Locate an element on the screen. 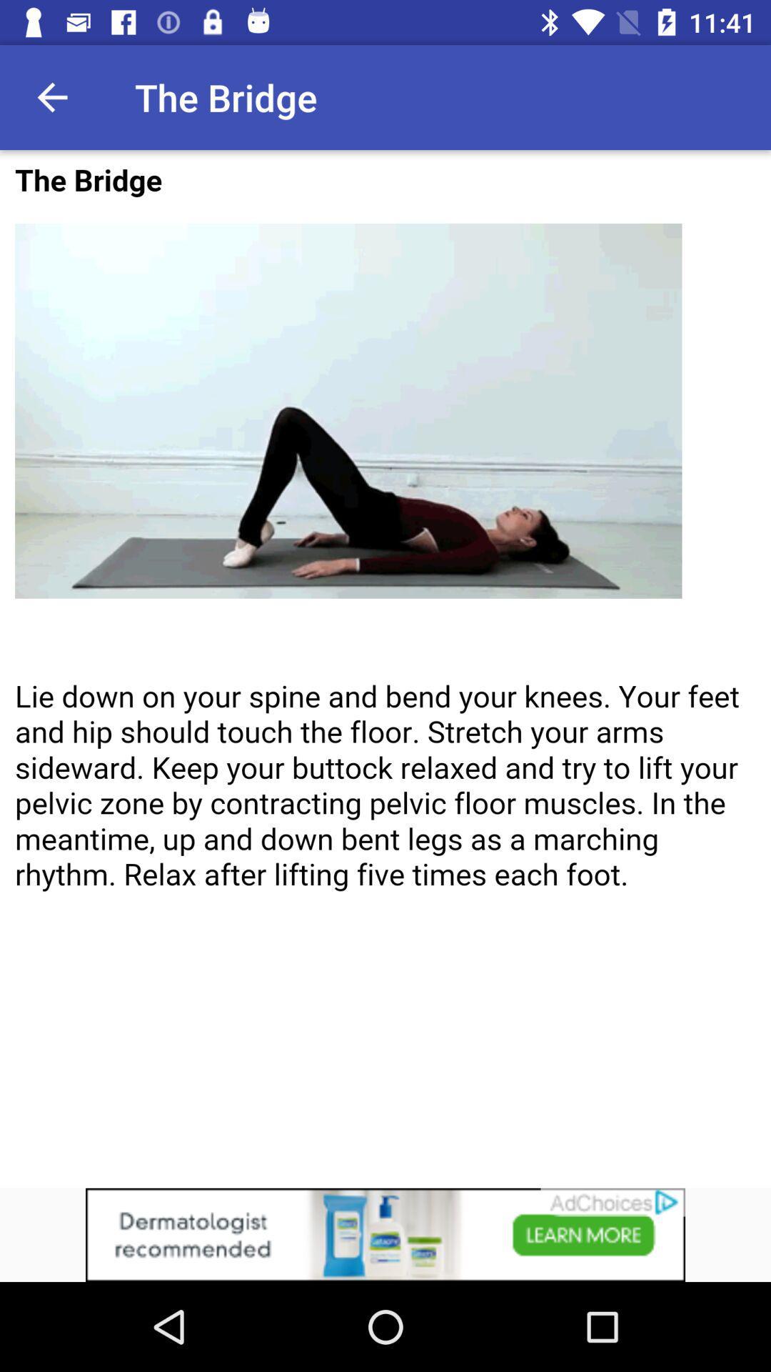 This screenshot has width=771, height=1372. adverisement is located at coordinates (385, 668).